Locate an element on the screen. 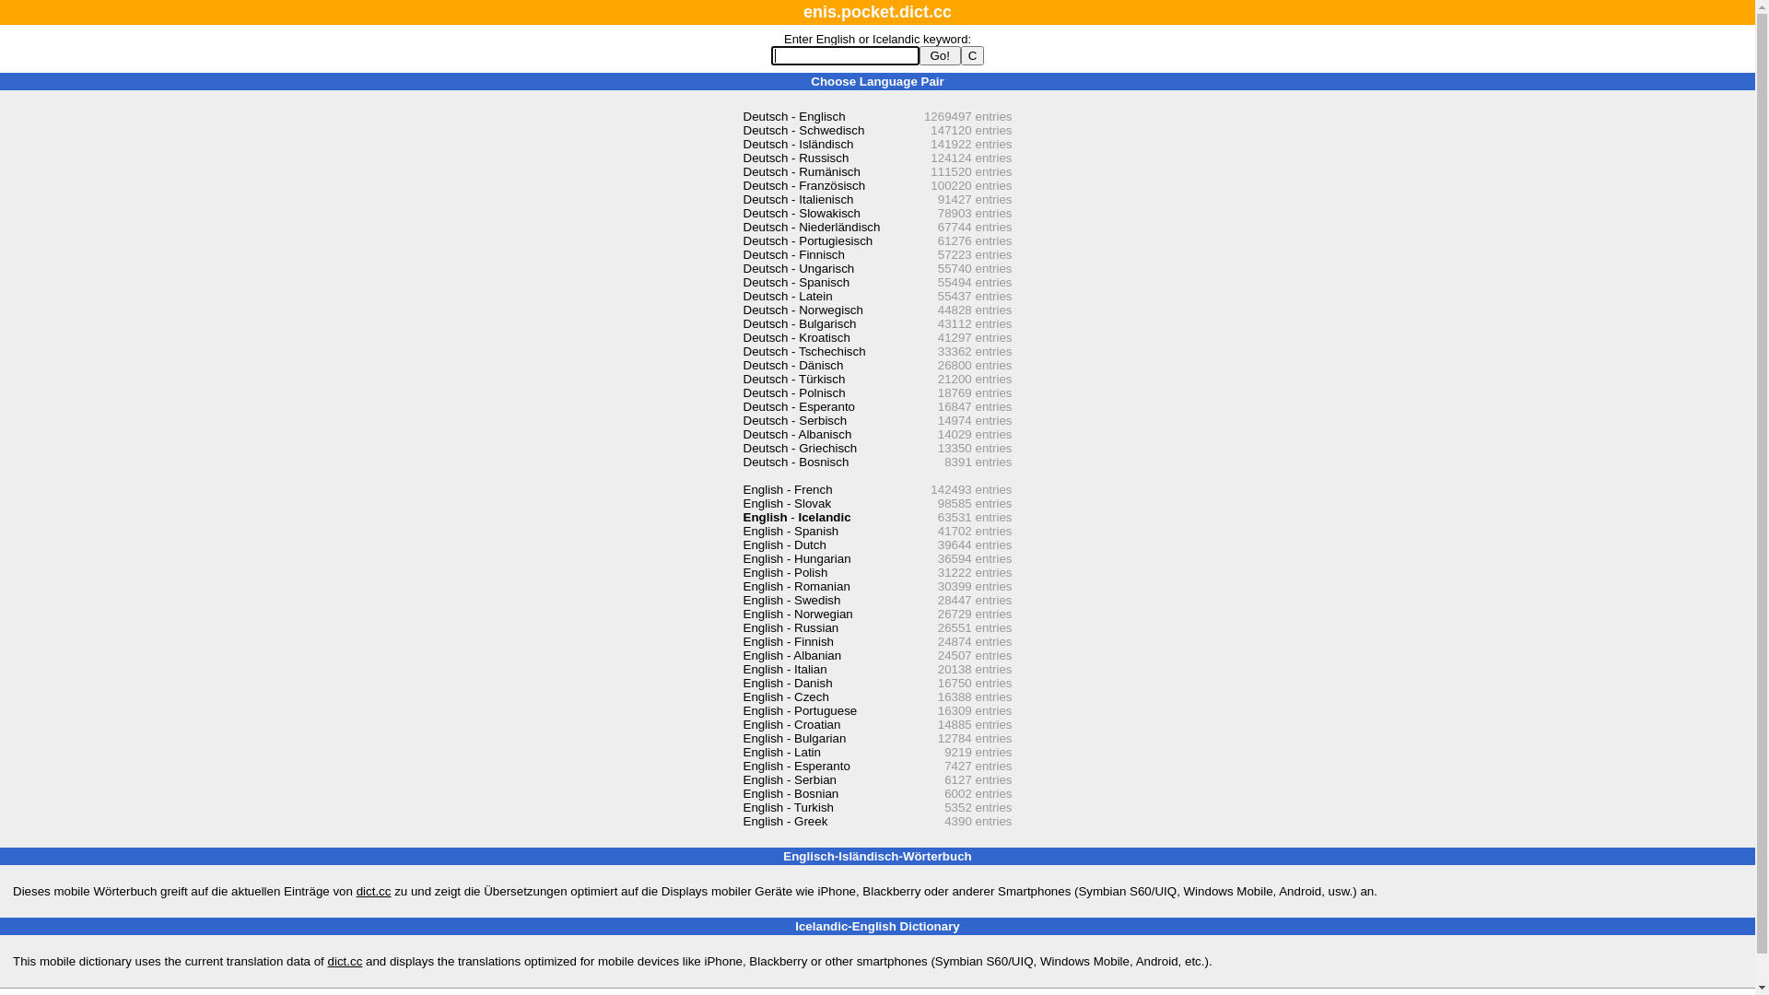 The image size is (1769, 995). 'English - Finnish' is located at coordinates (788, 640).